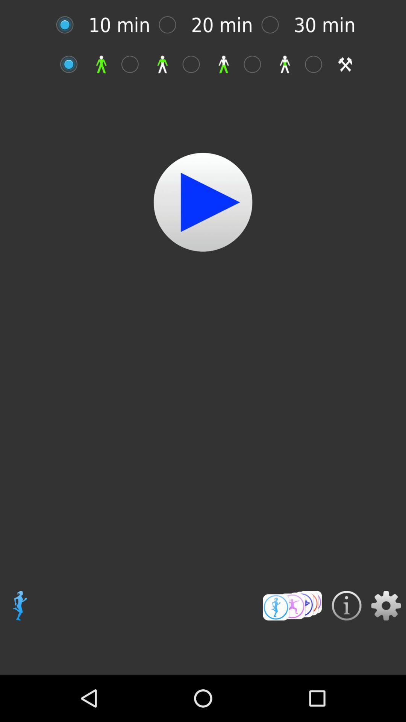 The width and height of the screenshot is (406, 722). I want to click on open menu, so click(292, 605).